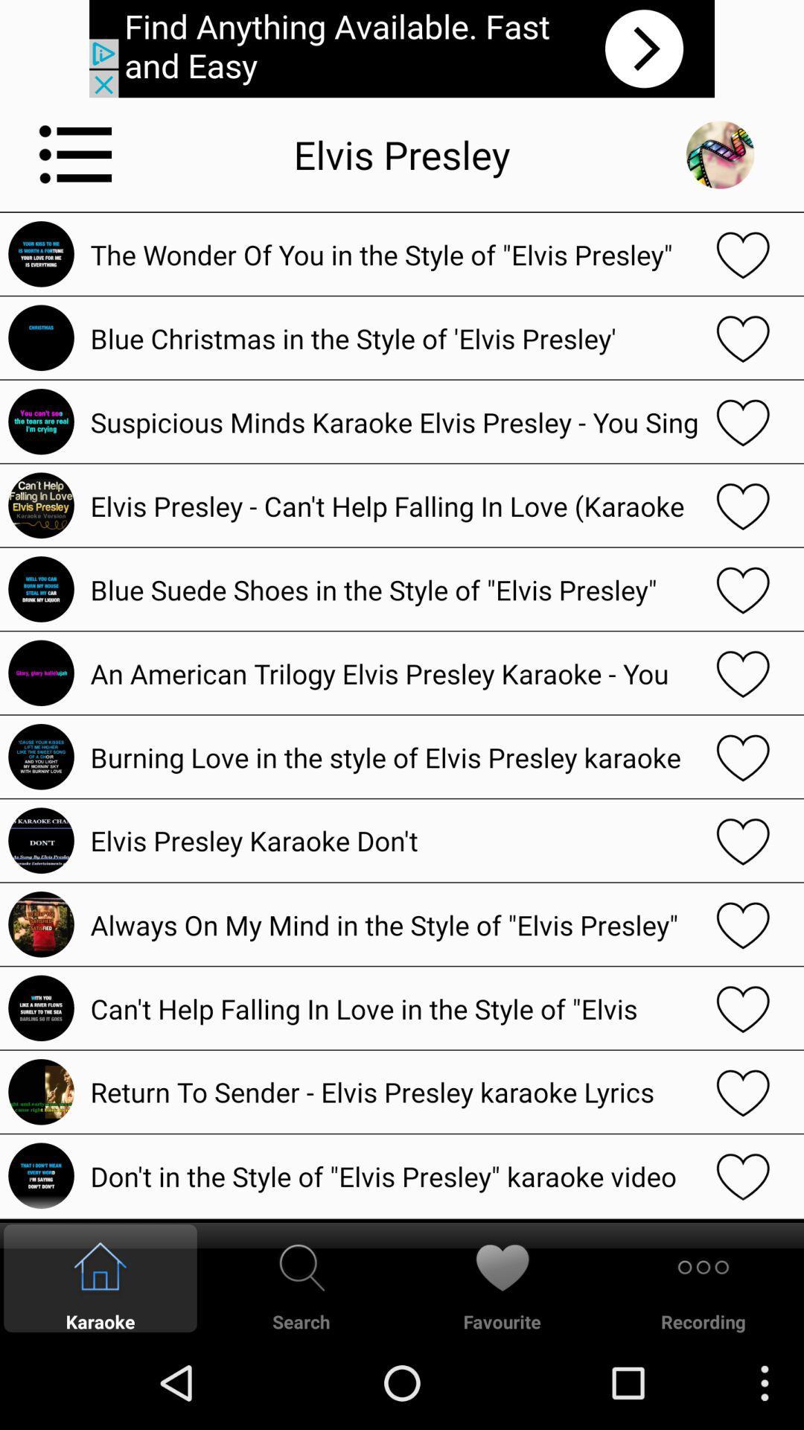 This screenshot has height=1430, width=804. I want to click on favorite, so click(743, 505).